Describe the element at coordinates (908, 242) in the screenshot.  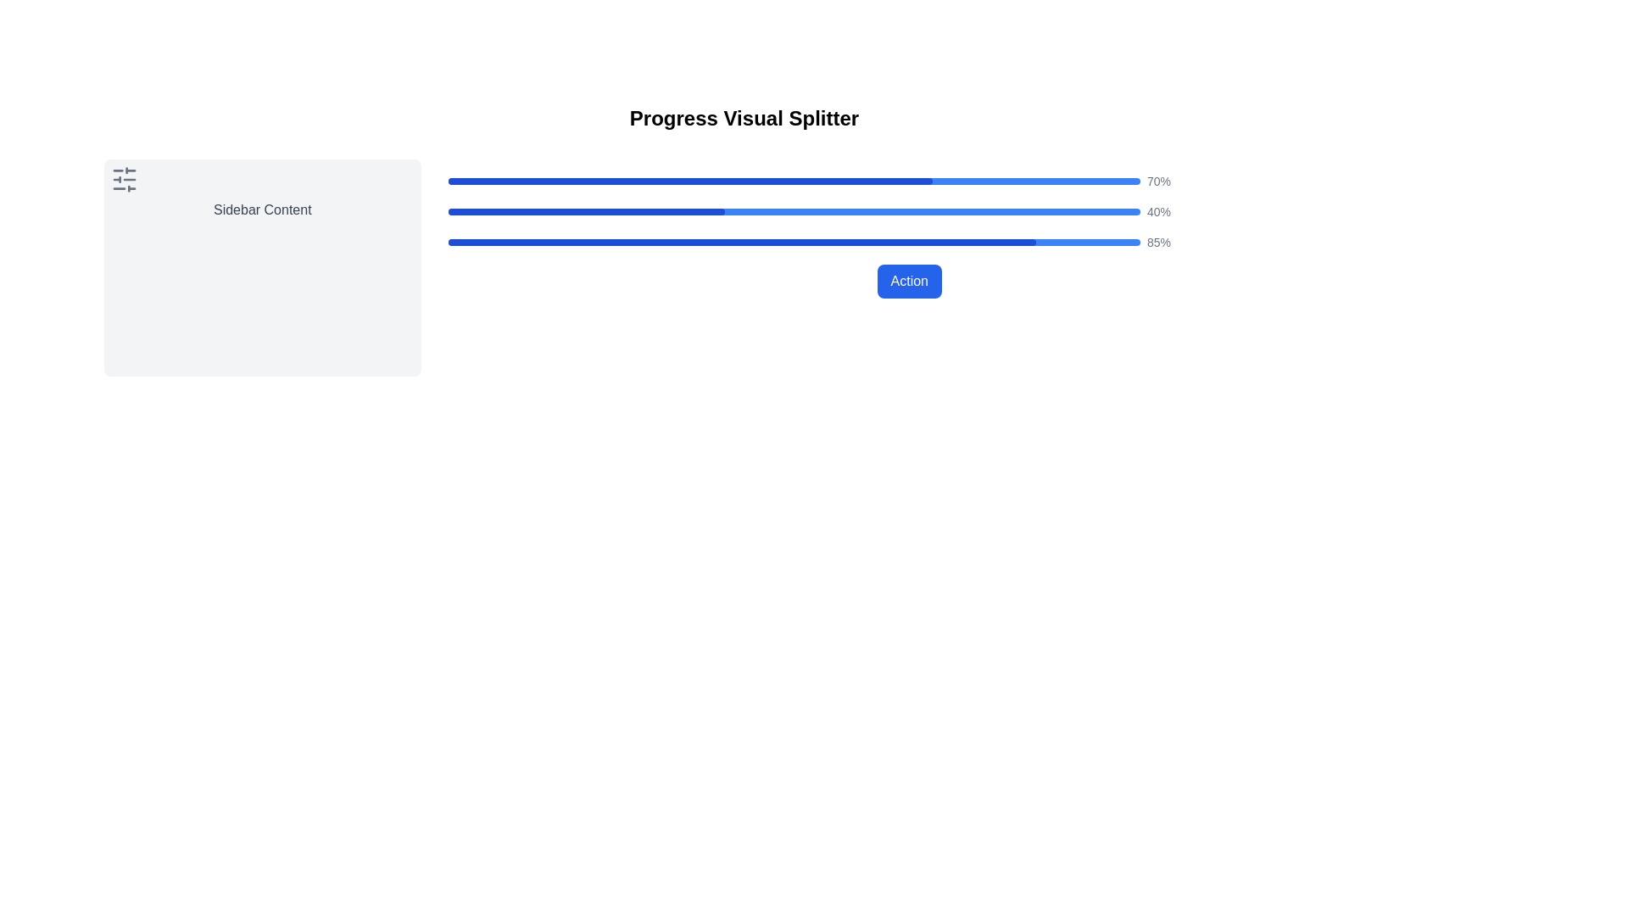
I see `the third progress bar that visually represents a progress value of 85%` at that location.